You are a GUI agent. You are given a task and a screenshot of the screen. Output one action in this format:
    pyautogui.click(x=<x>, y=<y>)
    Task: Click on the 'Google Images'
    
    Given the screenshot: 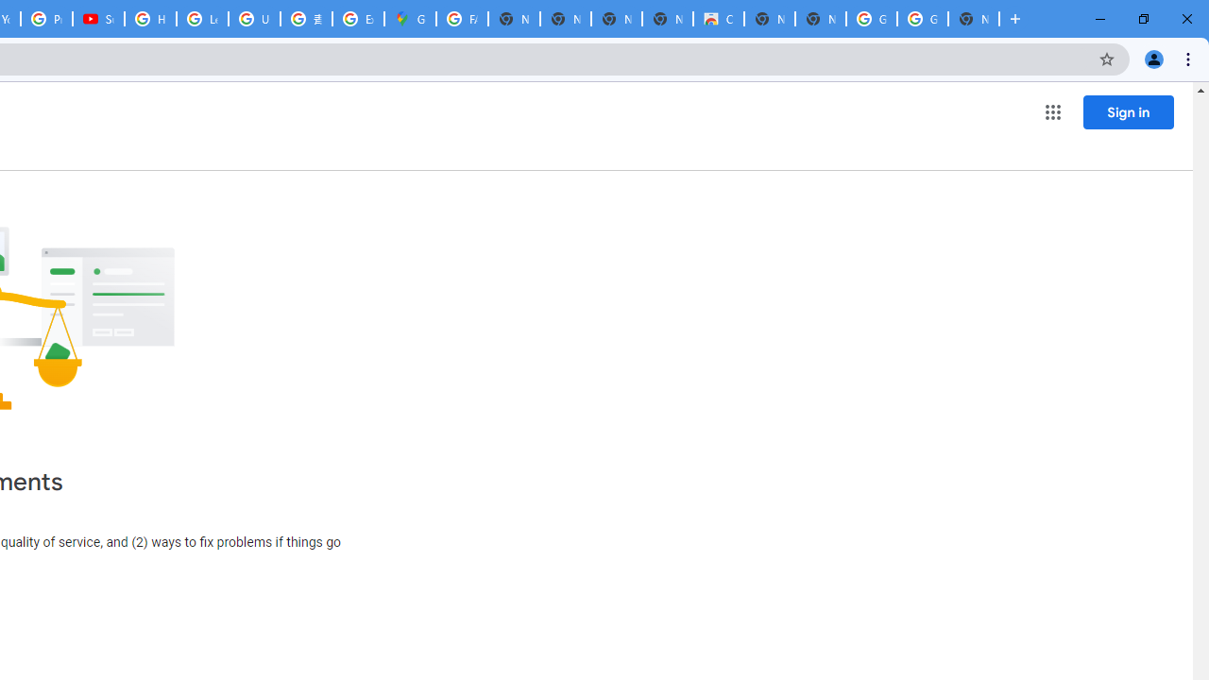 What is the action you would take?
    pyautogui.click(x=922, y=19)
    